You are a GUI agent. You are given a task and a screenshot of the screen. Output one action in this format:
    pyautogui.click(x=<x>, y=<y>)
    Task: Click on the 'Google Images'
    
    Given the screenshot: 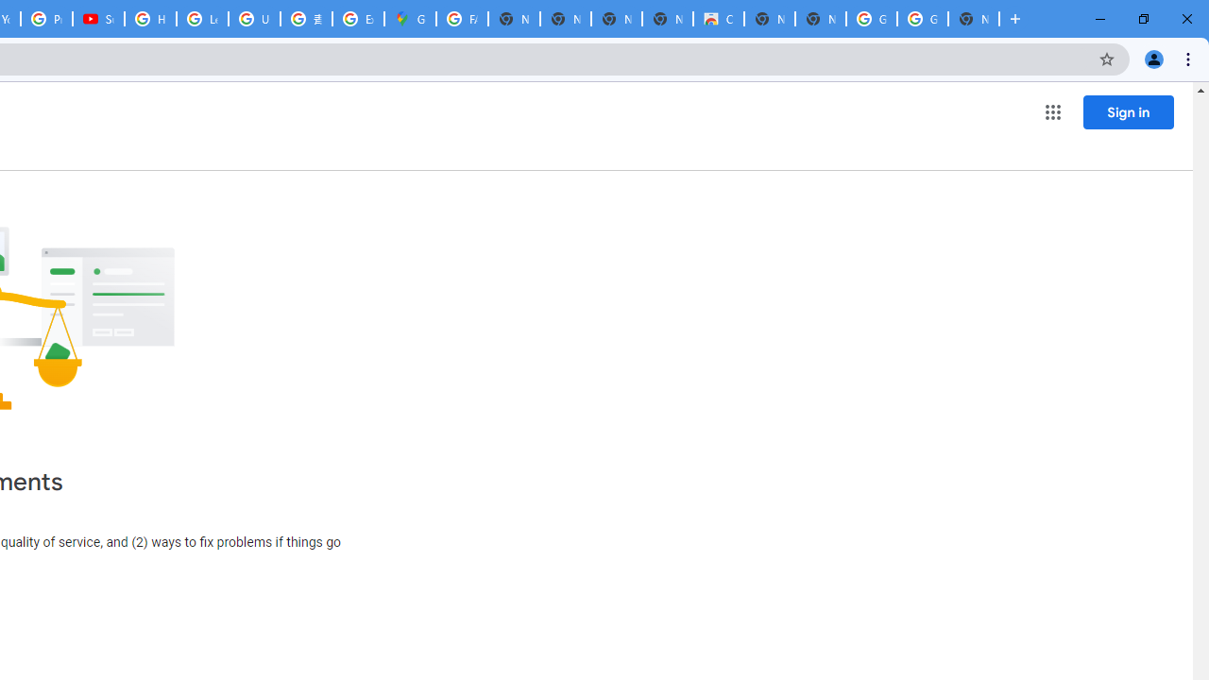 What is the action you would take?
    pyautogui.click(x=922, y=19)
    